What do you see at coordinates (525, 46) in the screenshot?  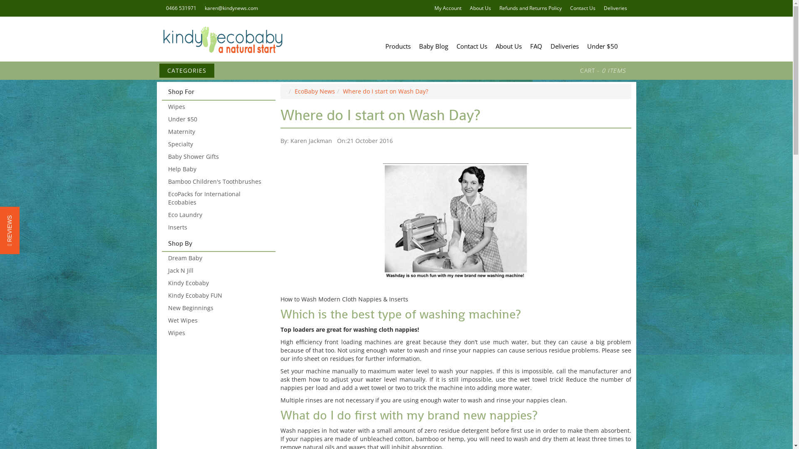 I see `'FAQ'` at bounding box center [525, 46].